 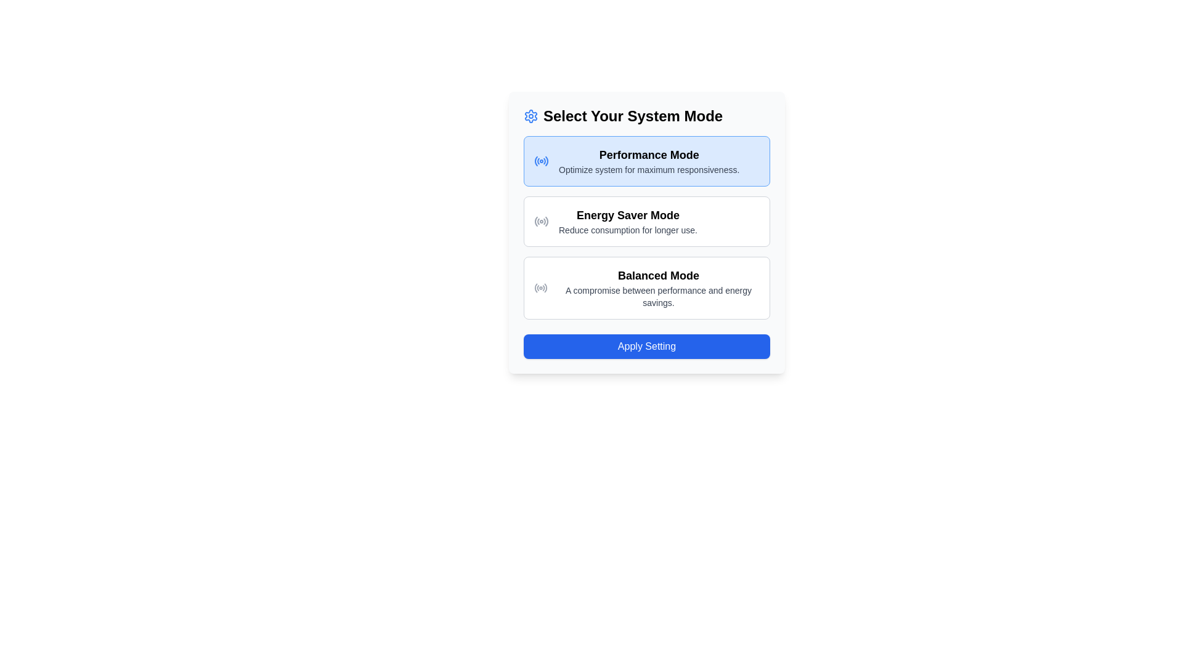 What do you see at coordinates (648, 154) in the screenshot?
I see `the Text Label that describes the mode available for selection, which is located at the top of the first card above the supporting text 'Optimize system for maximum responsiveness.'` at bounding box center [648, 154].